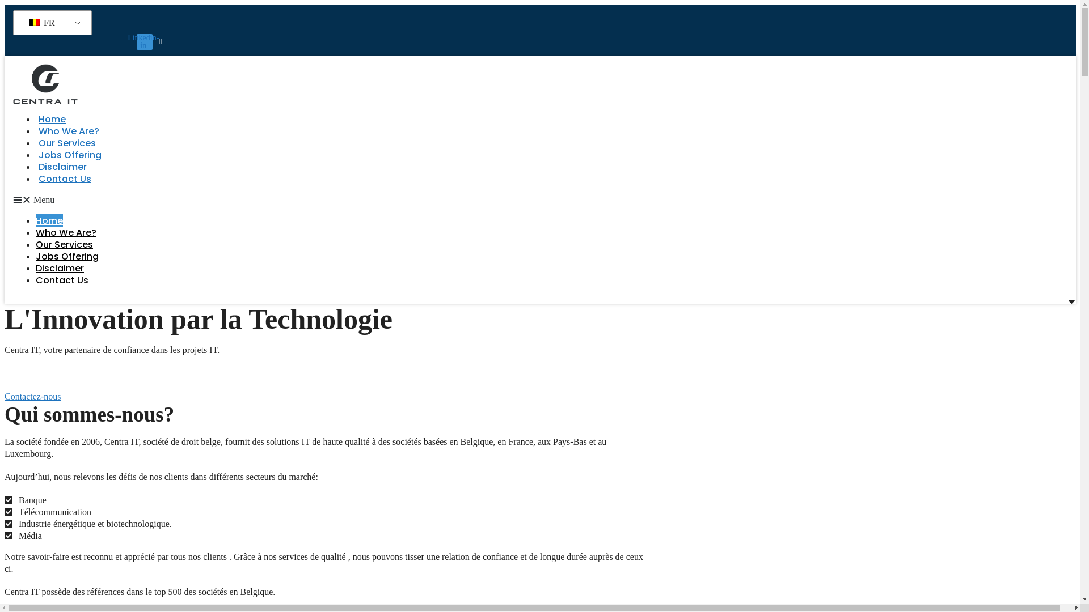 This screenshot has width=1089, height=612. I want to click on 'Our Services', so click(64, 244).